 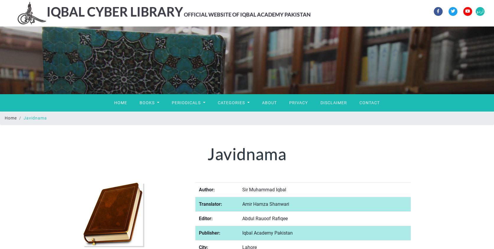 What do you see at coordinates (147, 102) in the screenshot?
I see `'Books'` at bounding box center [147, 102].